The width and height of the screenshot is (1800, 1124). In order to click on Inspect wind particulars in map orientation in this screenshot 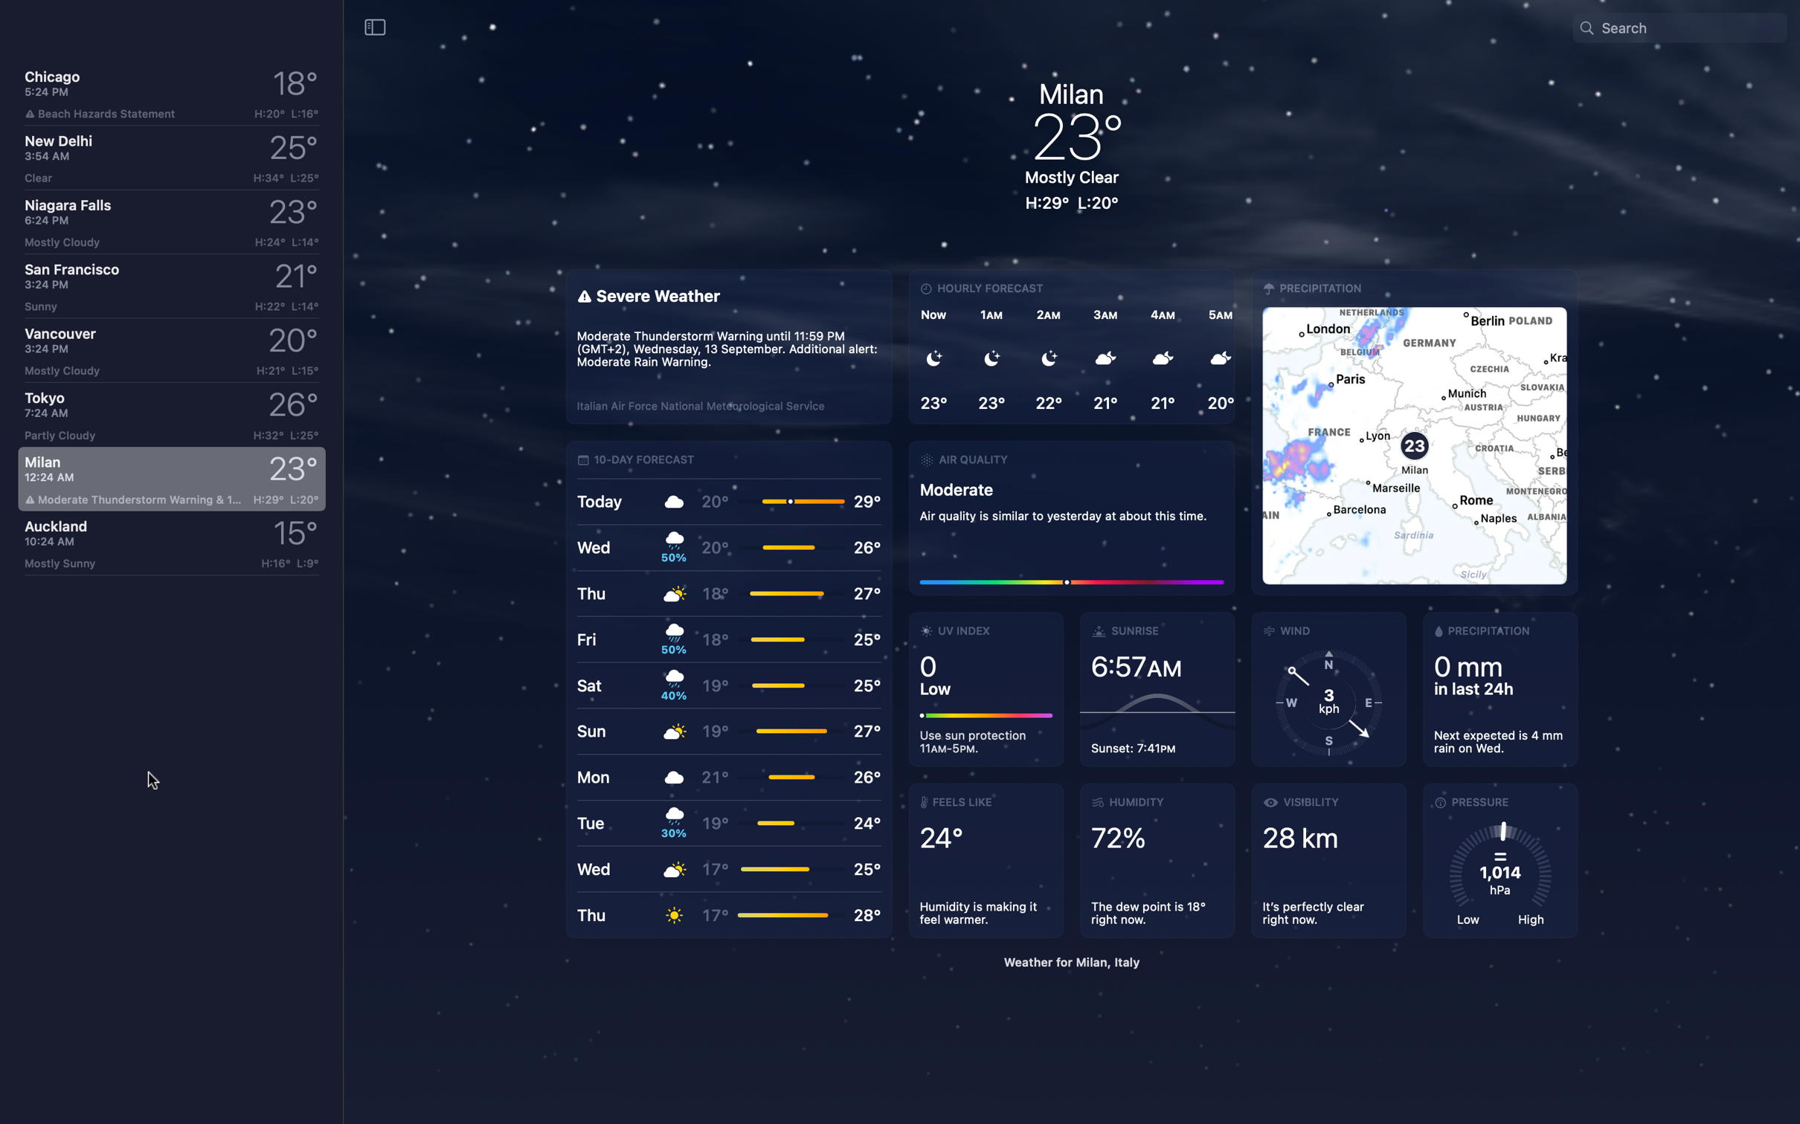, I will do `click(1414, 433)`.